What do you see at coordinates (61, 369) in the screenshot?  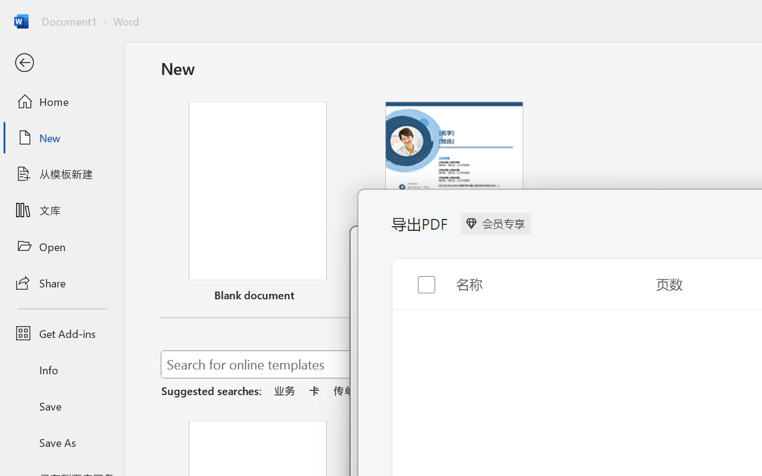 I see `'Info'` at bounding box center [61, 369].